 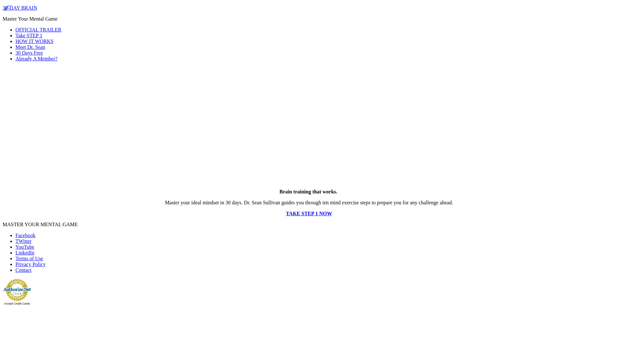 What do you see at coordinates (38, 30) in the screenshot?
I see `'OFFICIAL TRAILER'` at bounding box center [38, 30].